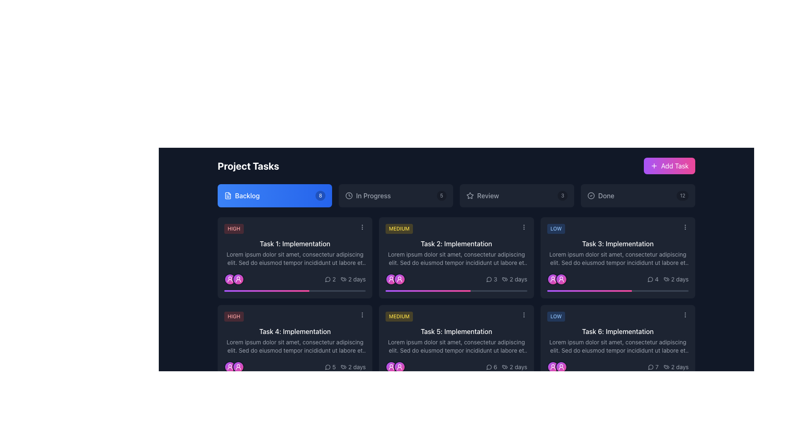  What do you see at coordinates (601, 196) in the screenshot?
I see `the 'Done' label with a checkmark icon, which is styled in muted gray and positioned at the rightmost end of the categorized tabs` at bounding box center [601, 196].